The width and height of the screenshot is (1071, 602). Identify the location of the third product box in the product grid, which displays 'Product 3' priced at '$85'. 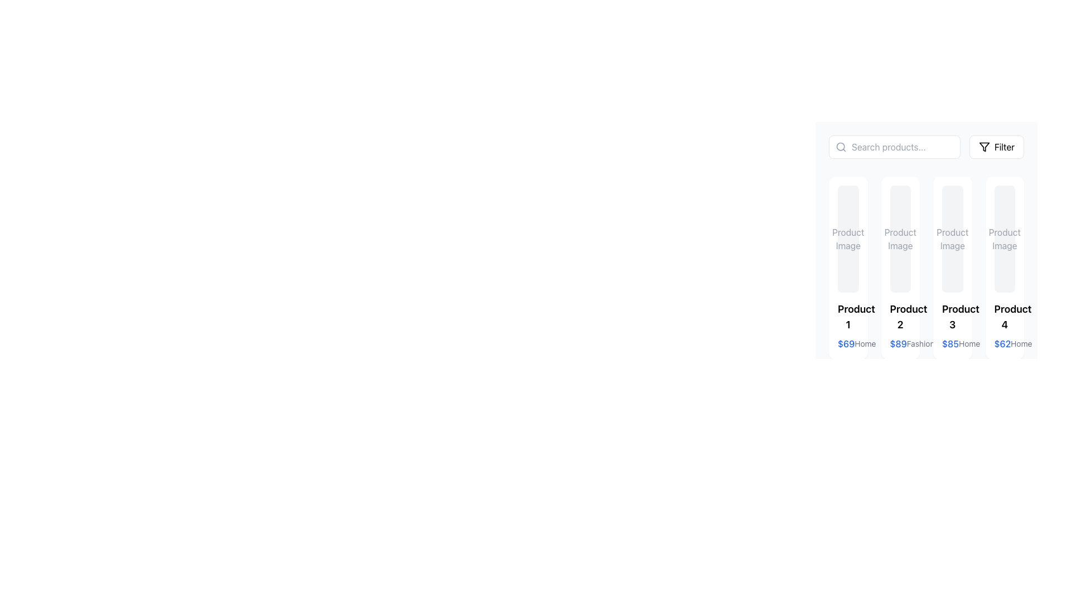
(926, 233).